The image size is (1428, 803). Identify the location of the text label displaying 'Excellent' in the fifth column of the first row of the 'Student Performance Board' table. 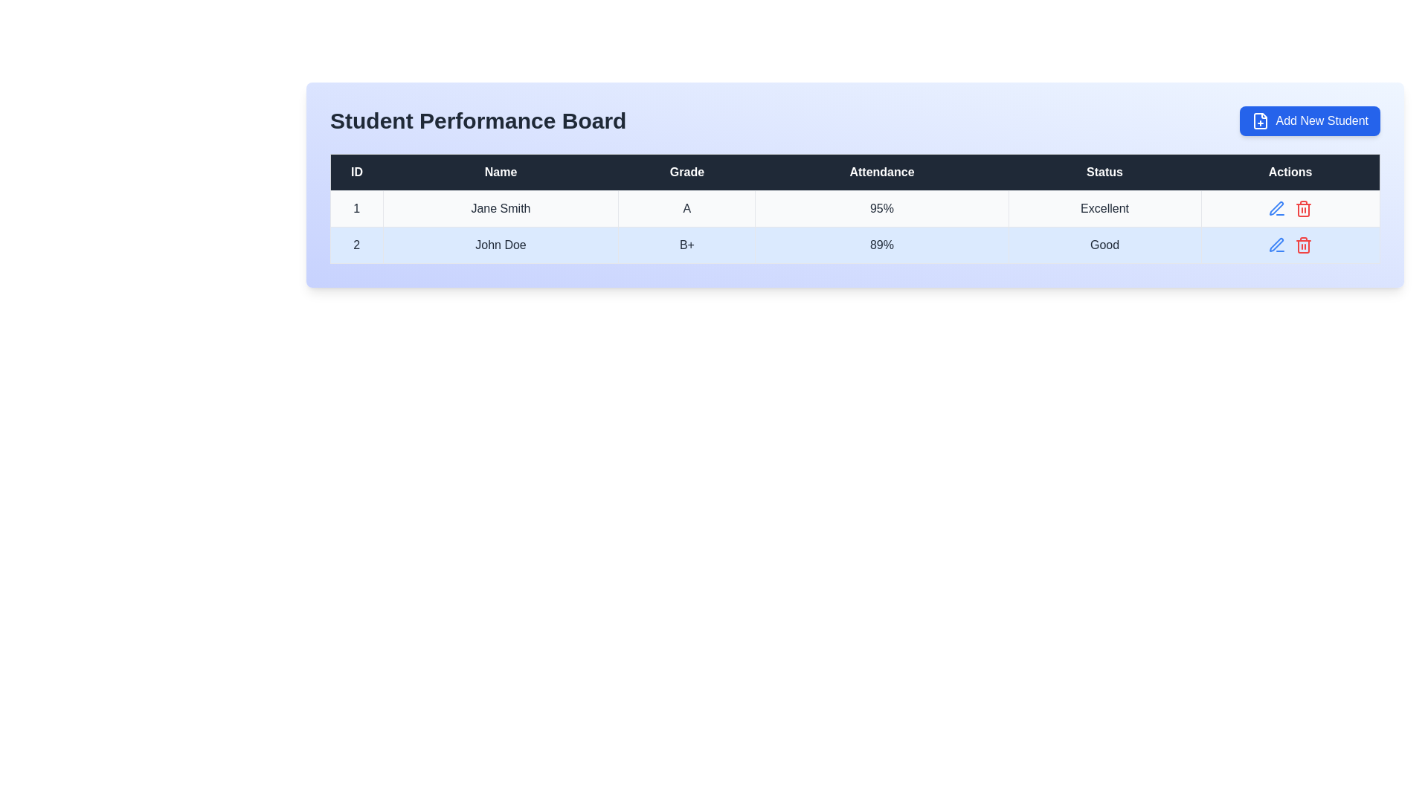
(1104, 209).